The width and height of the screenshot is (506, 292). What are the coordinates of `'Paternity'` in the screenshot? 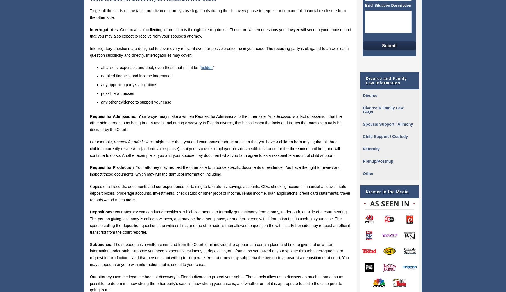 It's located at (371, 149).